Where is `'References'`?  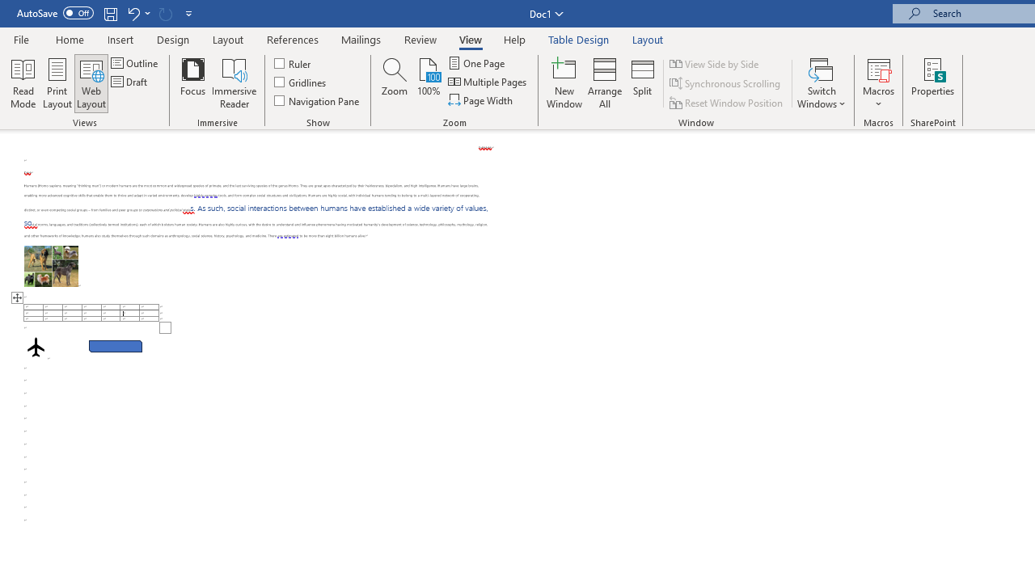
'References' is located at coordinates (293, 39).